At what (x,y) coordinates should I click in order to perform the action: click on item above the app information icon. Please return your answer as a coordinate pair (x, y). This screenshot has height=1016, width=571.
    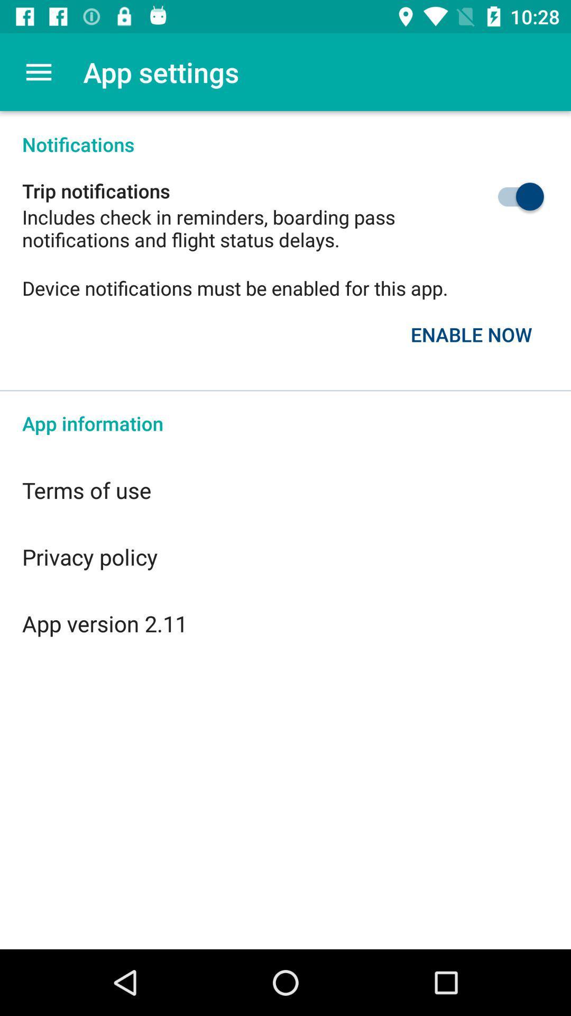
    Looking at the image, I should click on (471, 334).